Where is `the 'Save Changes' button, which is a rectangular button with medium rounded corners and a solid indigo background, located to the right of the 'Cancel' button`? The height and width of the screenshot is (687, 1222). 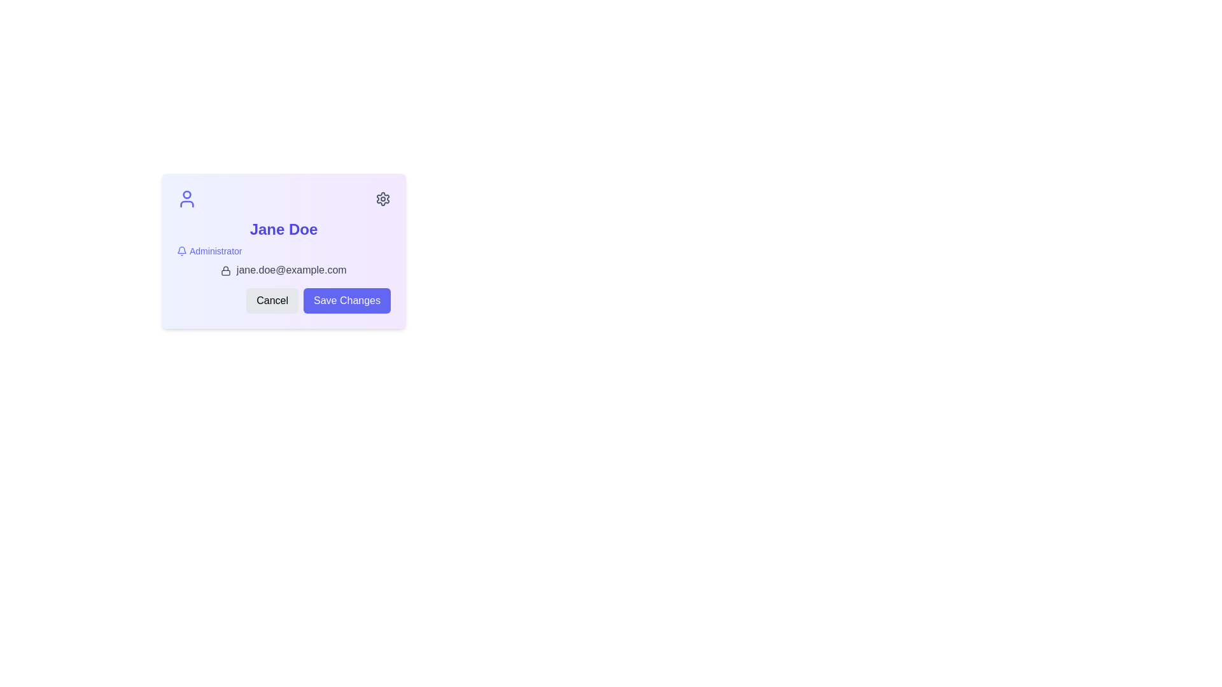
the 'Save Changes' button, which is a rectangular button with medium rounded corners and a solid indigo background, located to the right of the 'Cancel' button is located at coordinates (347, 301).